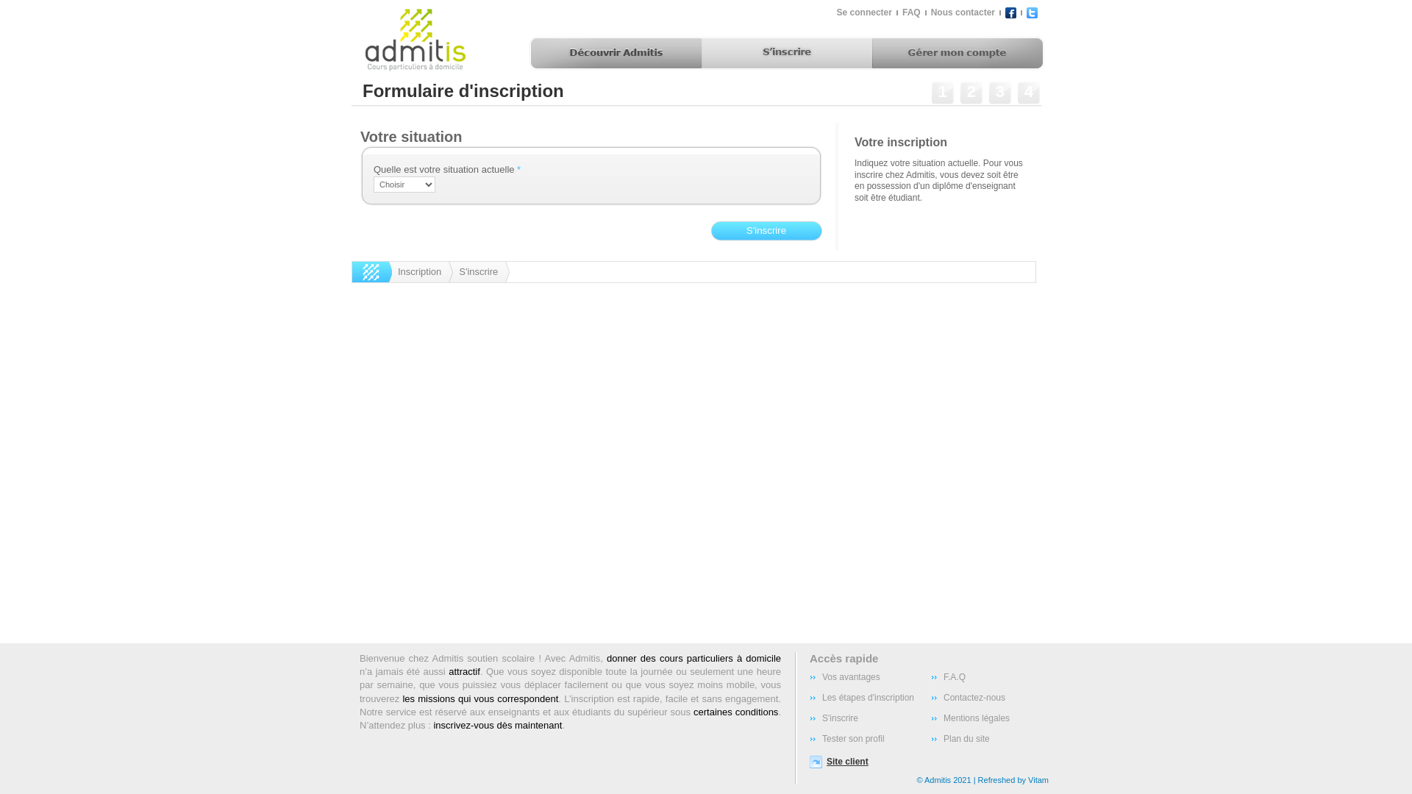 Image resolution: width=1412 pixels, height=794 pixels. Describe the element at coordinates (863, 12) in the screenshot. I see `'Se connecter'` at that location.